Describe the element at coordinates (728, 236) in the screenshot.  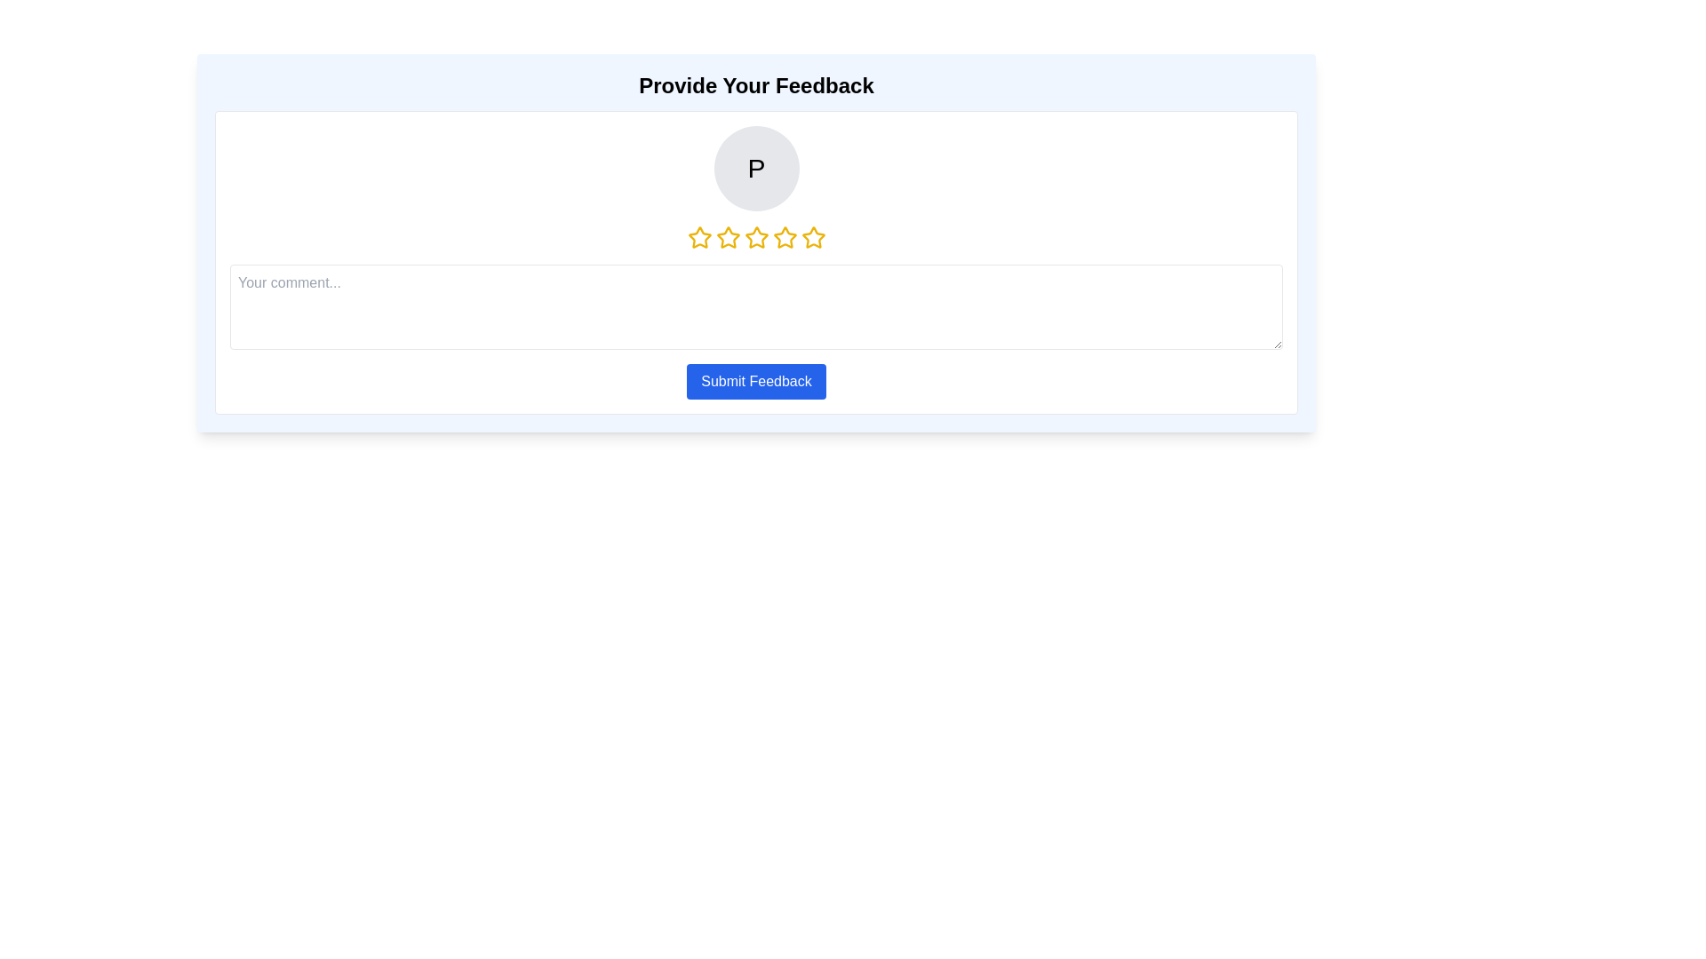
I see `the star corresponding to 2 stars to set the rating` at that location.